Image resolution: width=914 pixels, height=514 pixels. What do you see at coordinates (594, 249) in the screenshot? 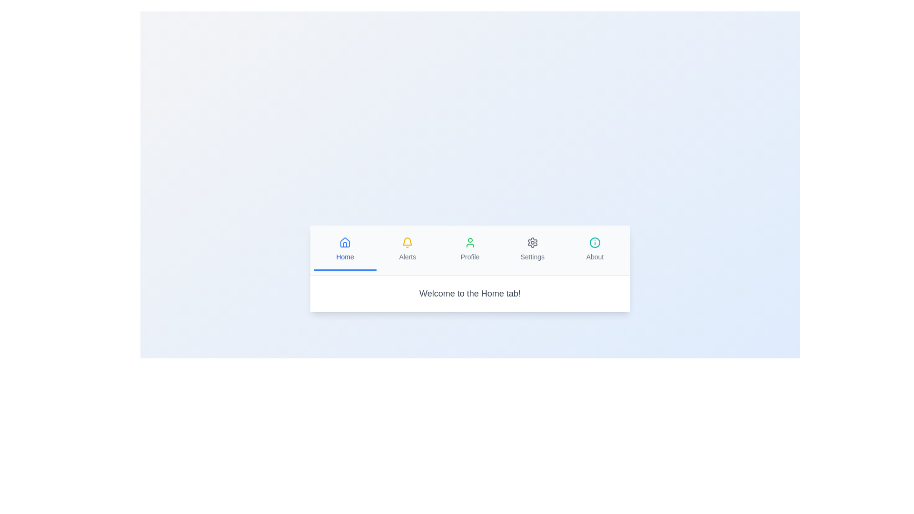
I see `the tab labeled About to switch to its content` at bounding box center [594, 249].